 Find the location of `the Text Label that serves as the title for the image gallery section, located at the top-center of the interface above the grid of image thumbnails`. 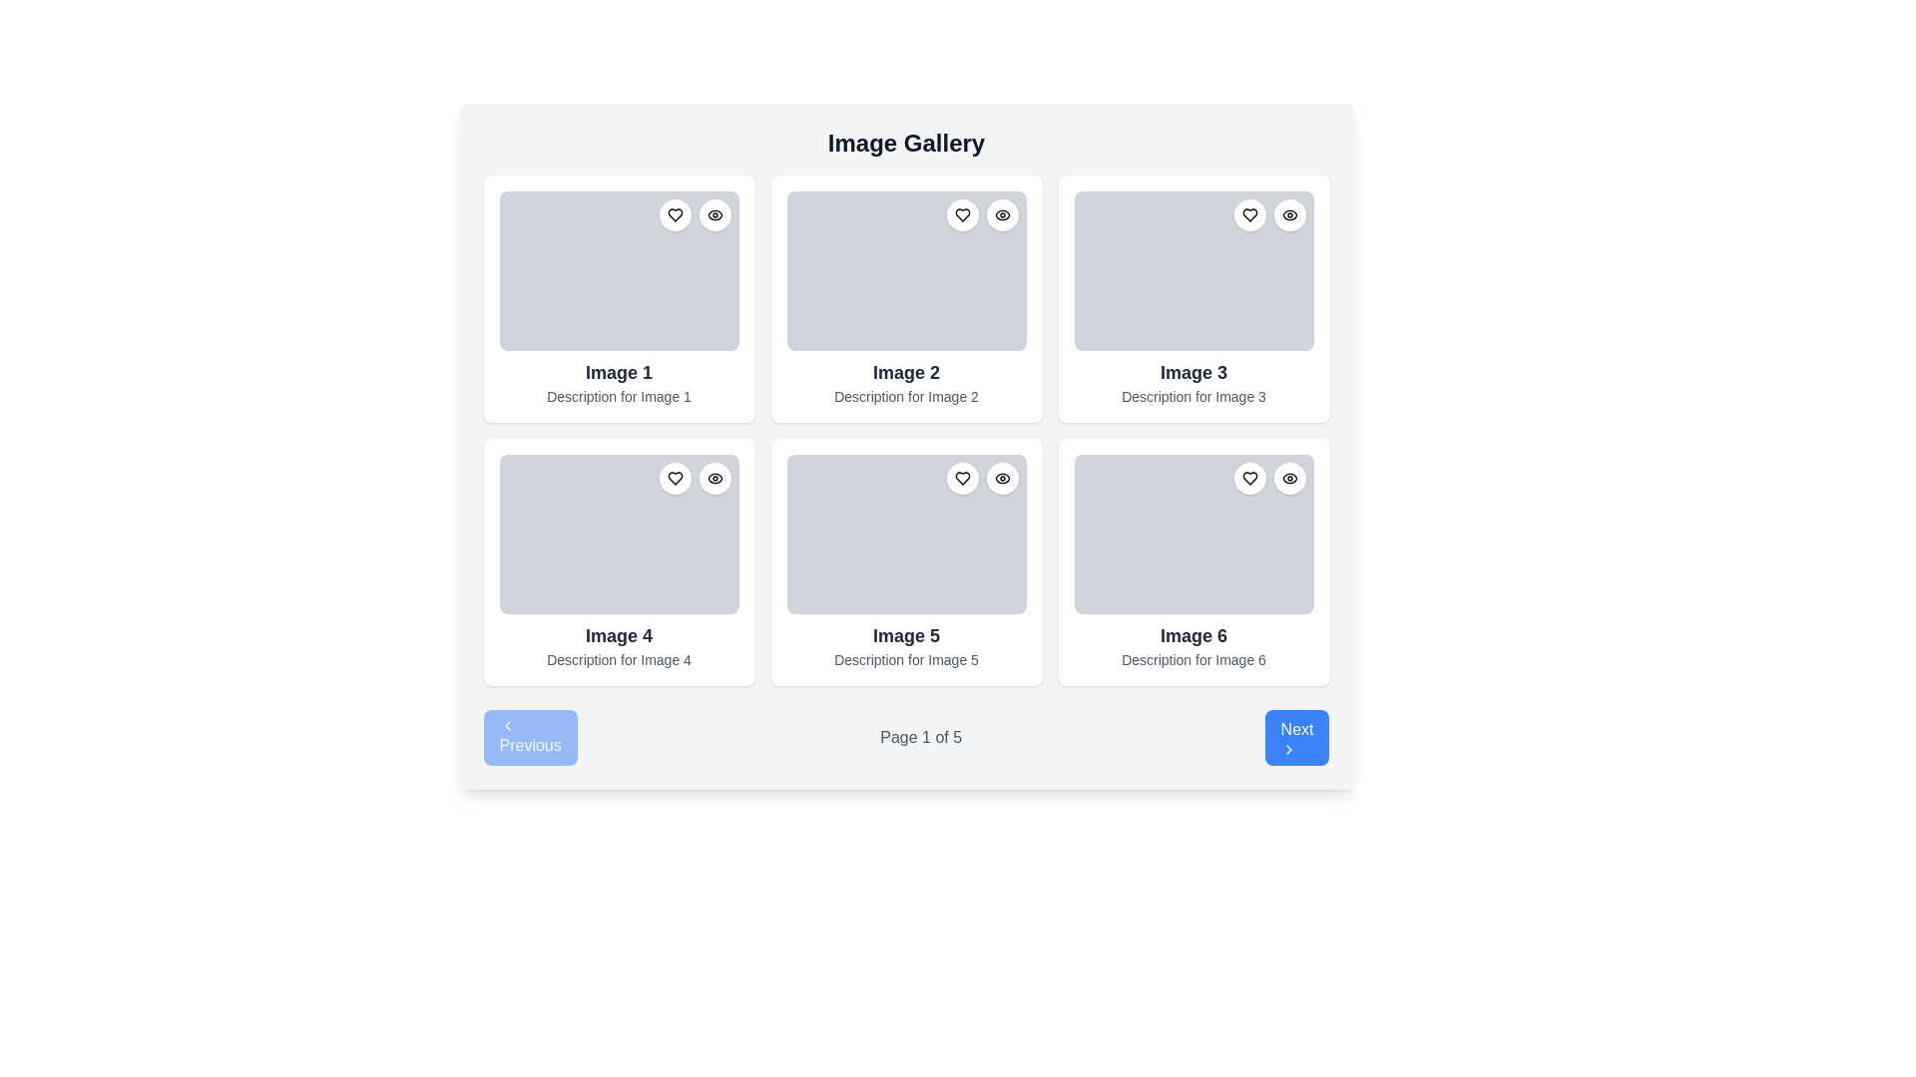

the Text Label that serves as the title for the image gallery section, located at the top-center of the interface above the grid of image thumbnails is located at coordinates (905, 142).